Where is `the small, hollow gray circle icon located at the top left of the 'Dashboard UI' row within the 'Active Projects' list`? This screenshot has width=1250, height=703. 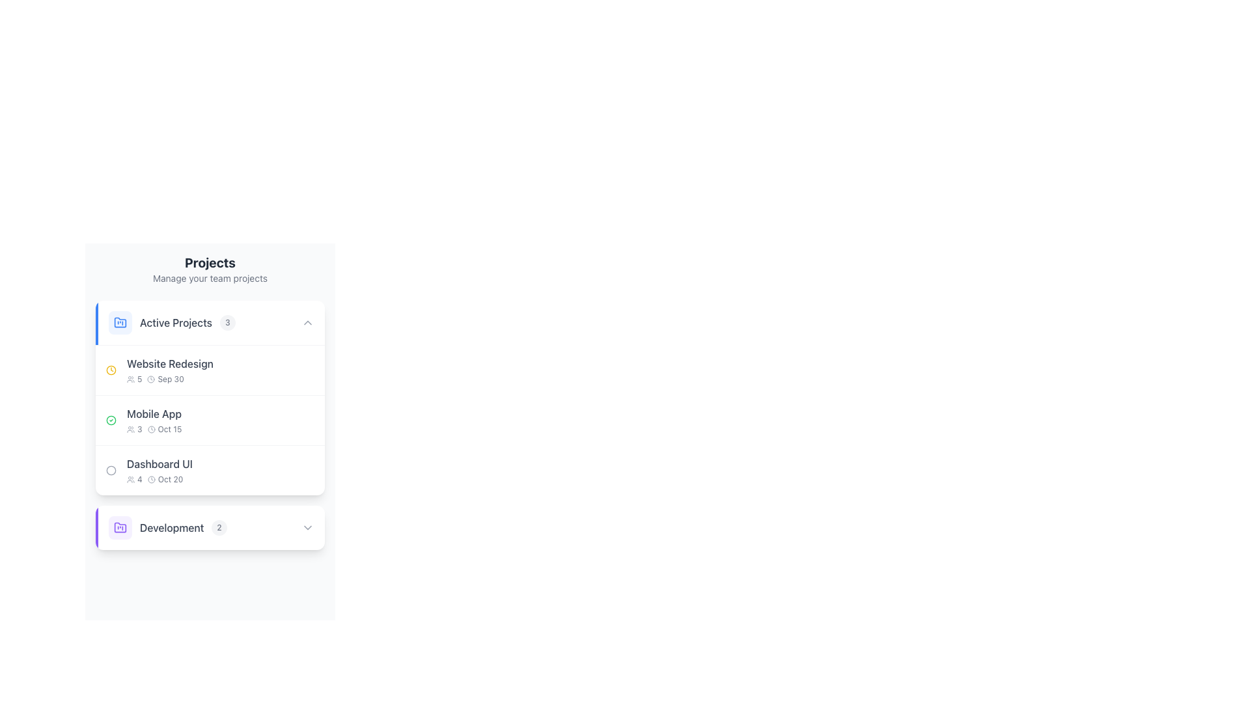
the small, hollow gray circle icon located at the top left of the 'Dashboard UI' row within the 'Active Projects' list is located at coordinates (111, 470).